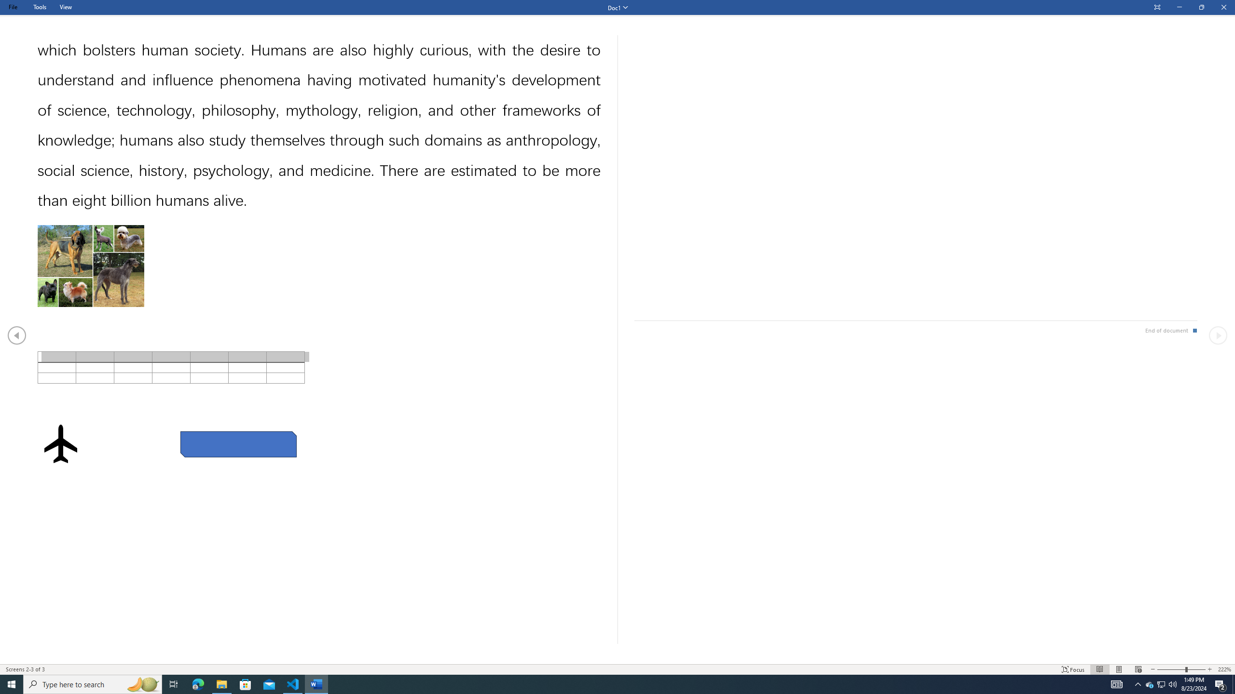 The image size is (1235, 694). I want to click on 'Tools', so click(39, 7).